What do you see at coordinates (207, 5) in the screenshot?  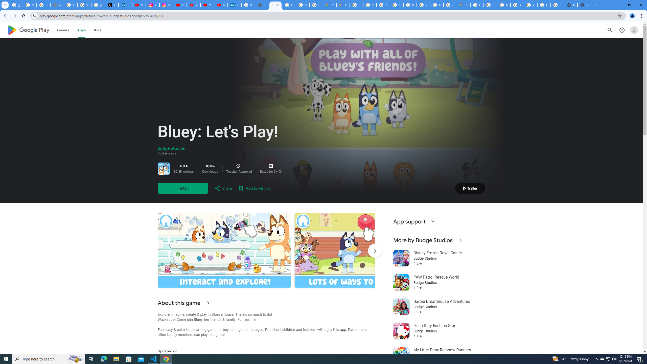 I see `'YouTube Culture & Trends - YouTube Top 10, 2021'` at bounding box center [207, 5].